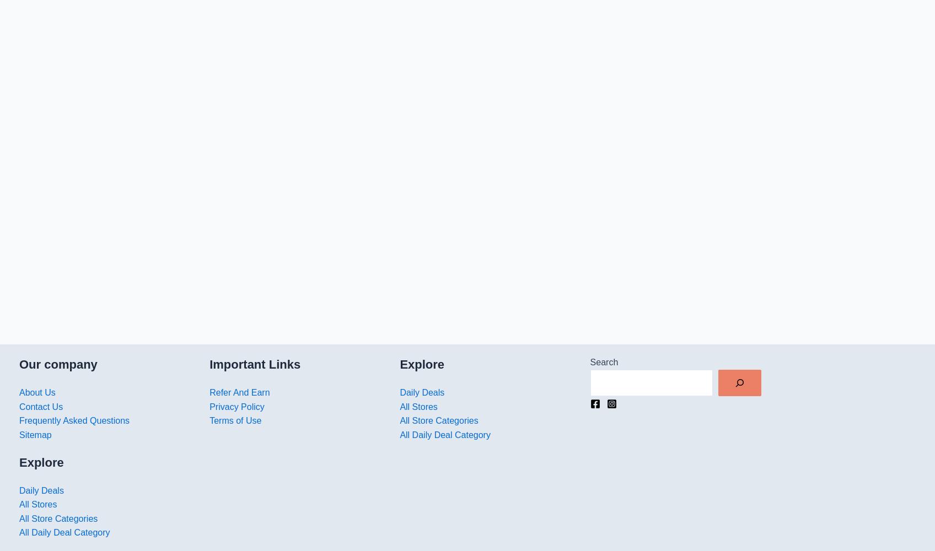  I want to click on 'Contact Us', so click(19, 406).